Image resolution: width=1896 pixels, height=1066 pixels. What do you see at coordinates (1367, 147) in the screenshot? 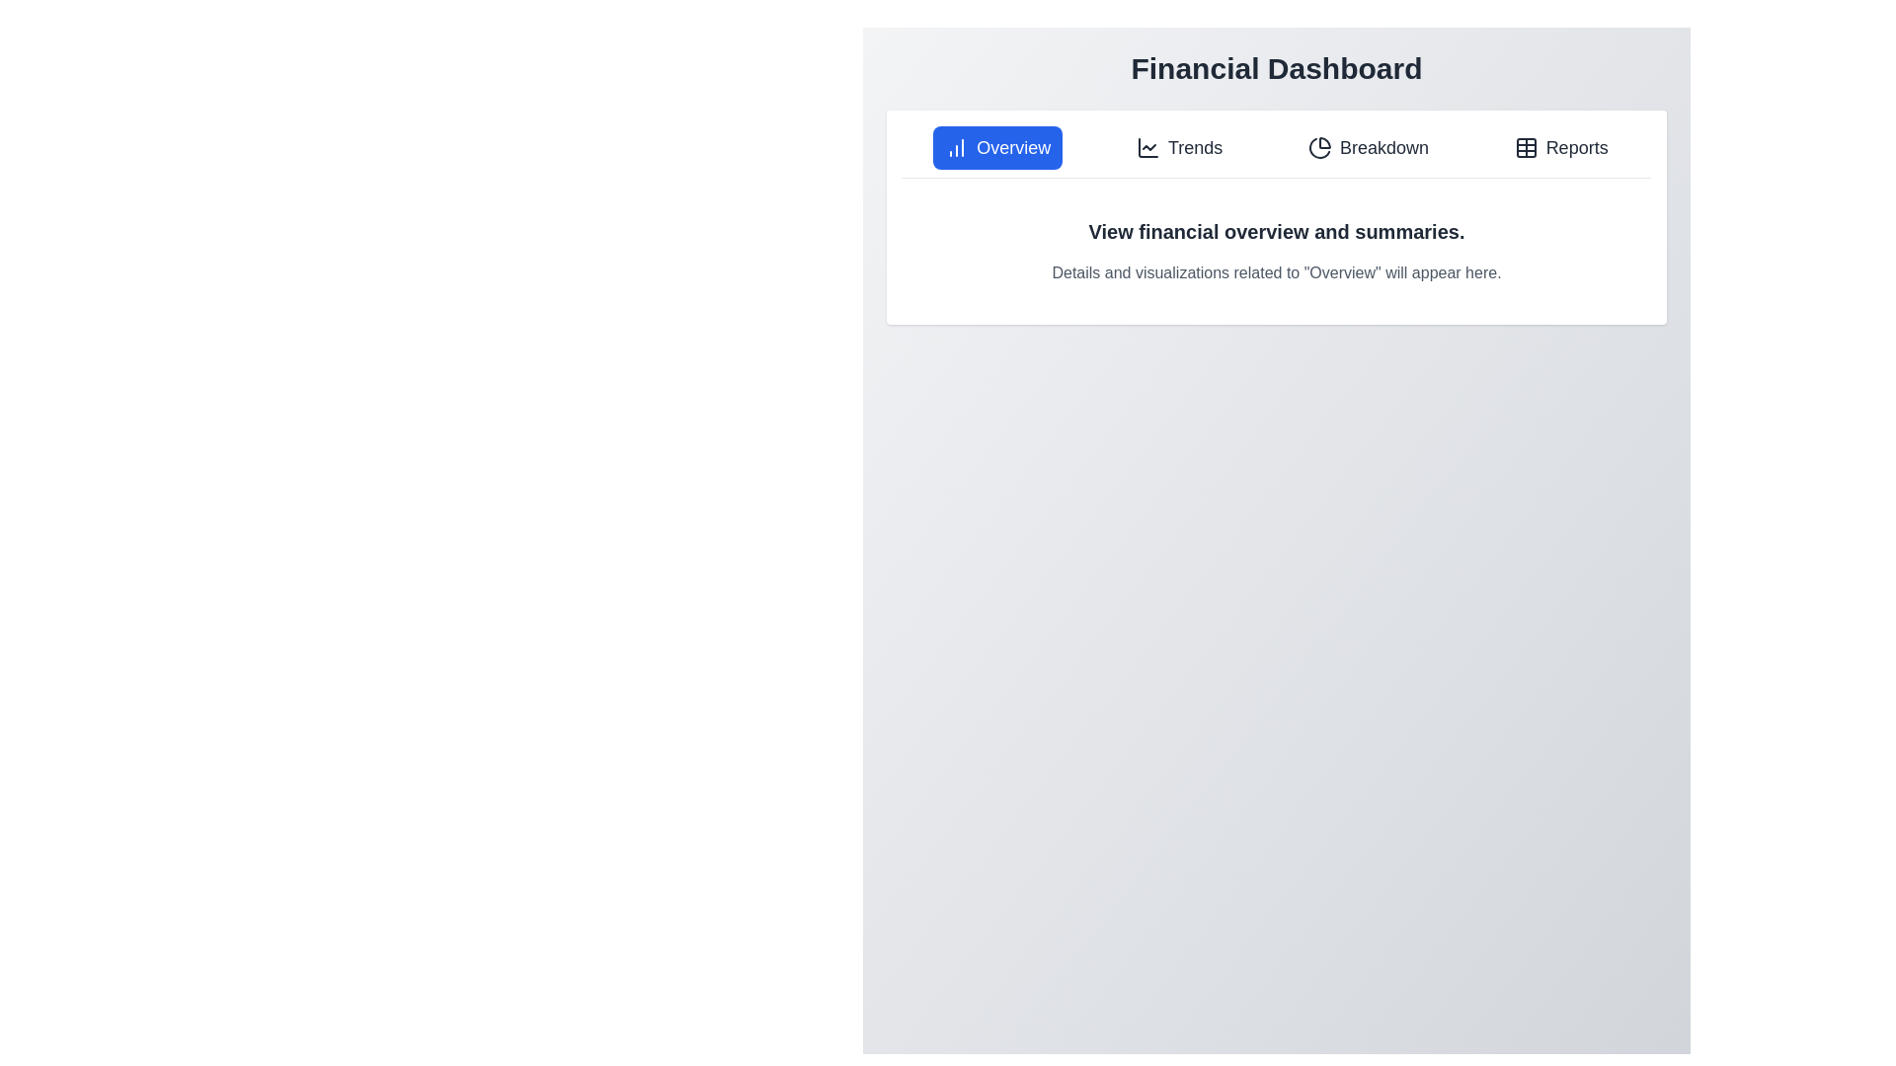
I see `the Breakdown tab to view its content` at bounding box center [1367, 147].